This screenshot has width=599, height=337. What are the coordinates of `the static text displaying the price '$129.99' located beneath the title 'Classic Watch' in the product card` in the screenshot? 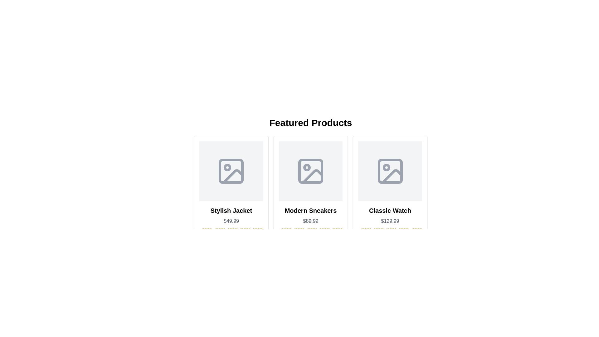 It's located at (390, 221).